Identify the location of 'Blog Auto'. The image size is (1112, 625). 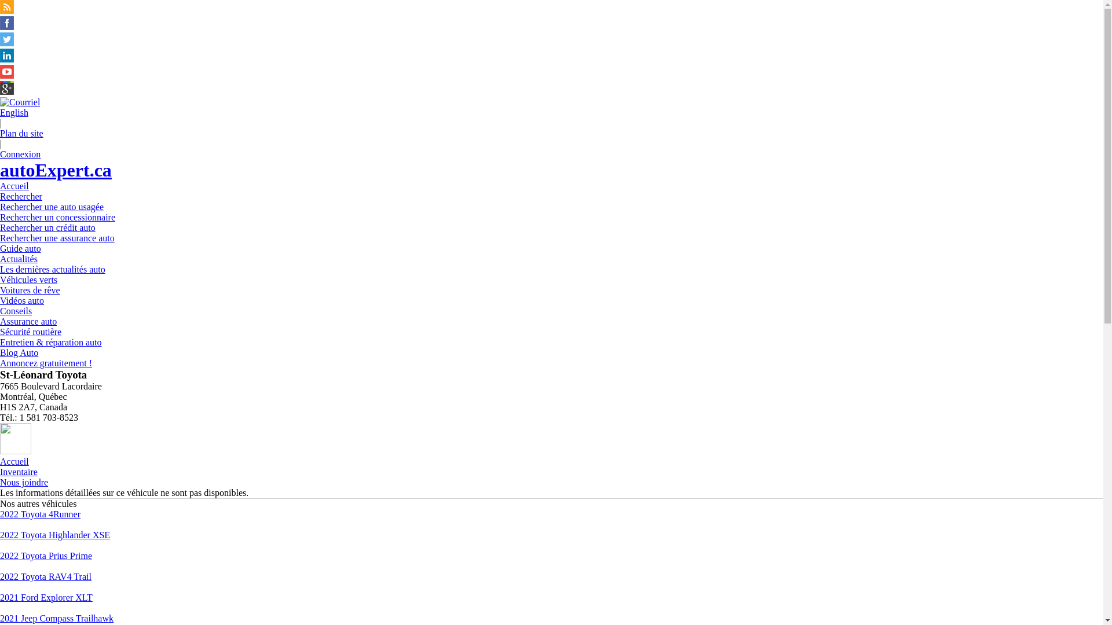
(19, 352).